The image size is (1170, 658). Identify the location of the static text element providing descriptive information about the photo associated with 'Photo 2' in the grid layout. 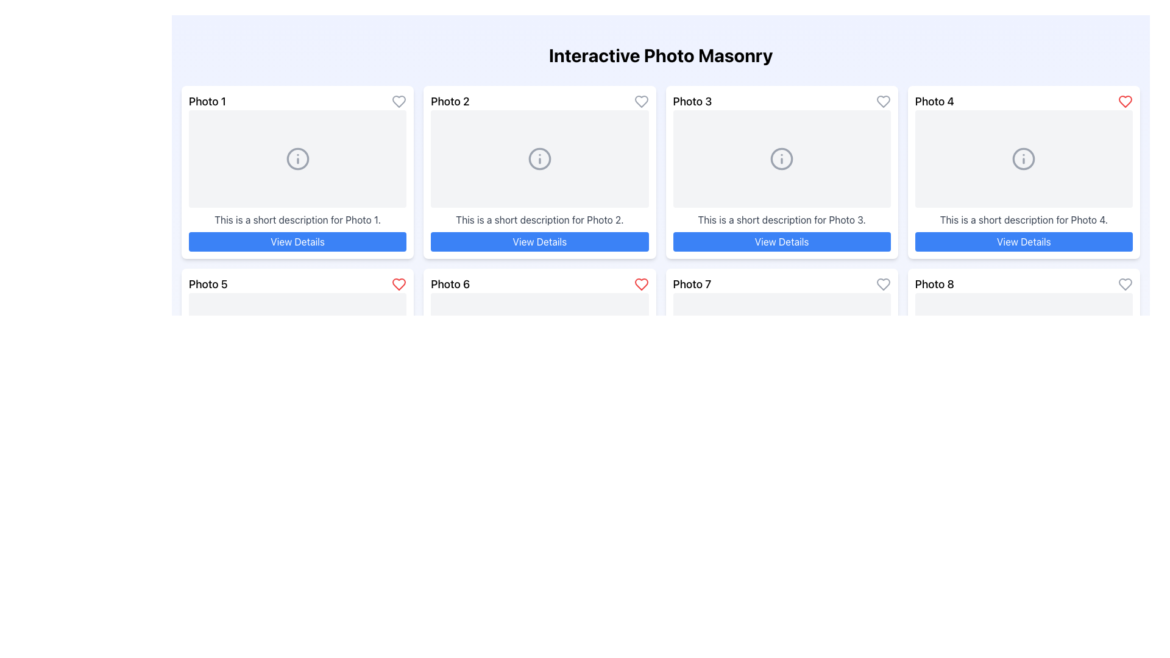
(539, 220).